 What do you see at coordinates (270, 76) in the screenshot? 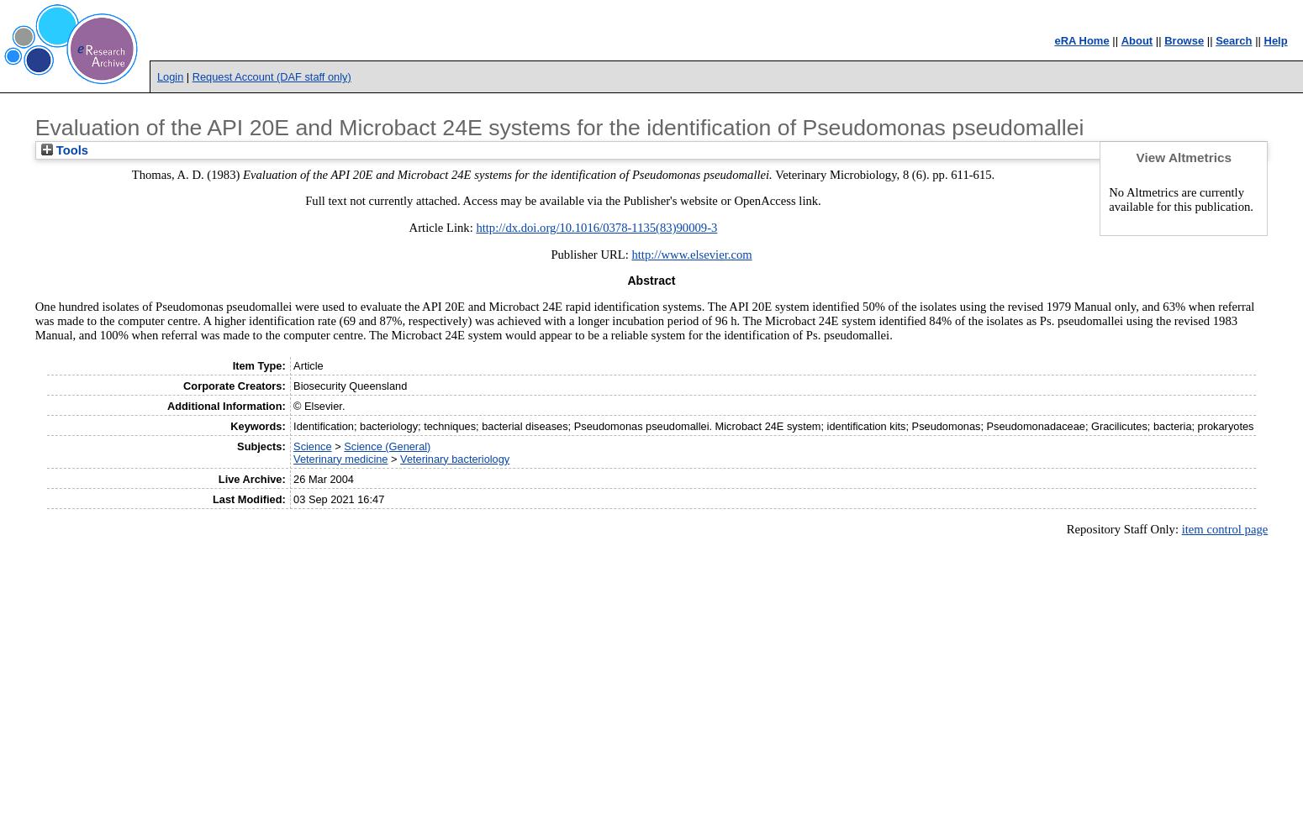
I see `'Request Account (DAF staff only)'` at bounding box center [270, 76].